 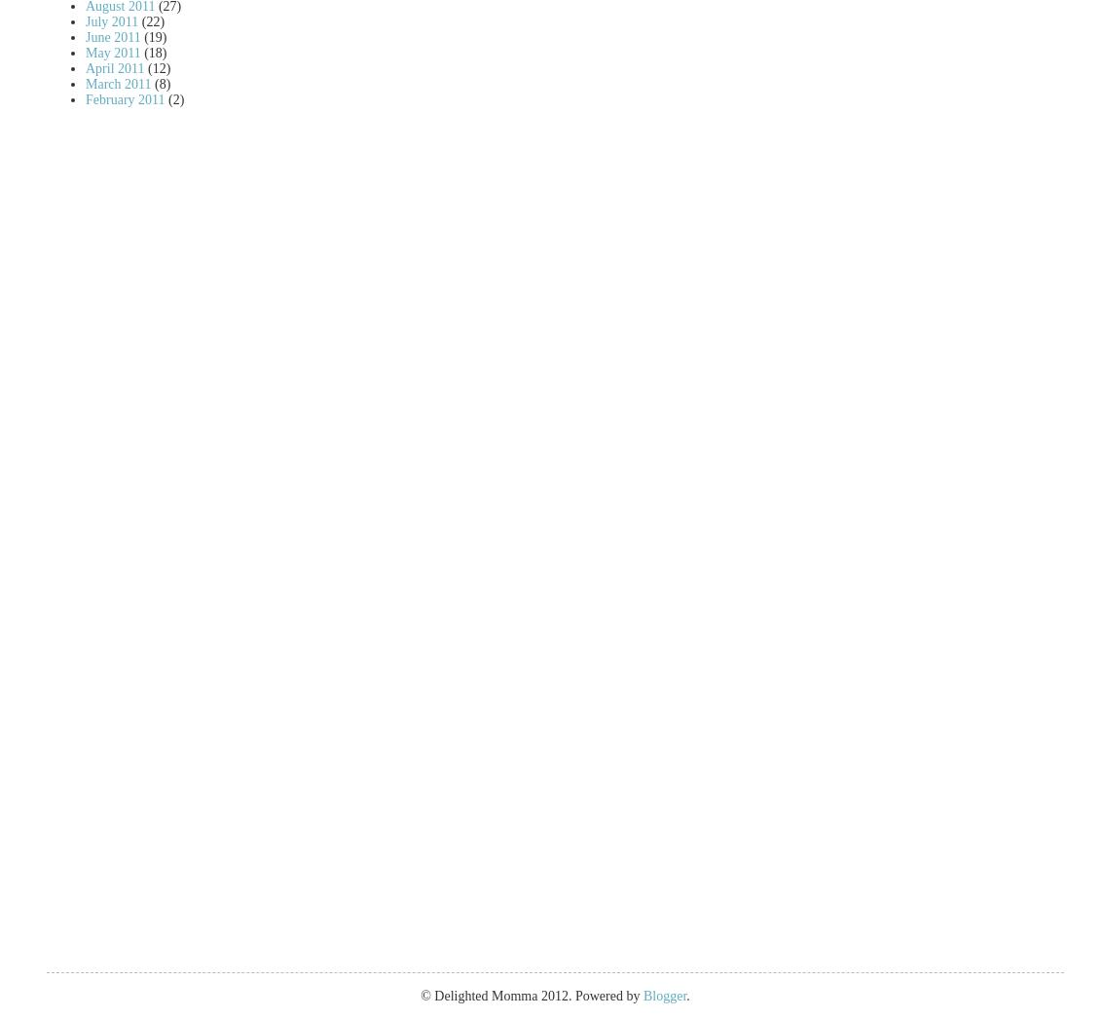 What do you see at coordinates (85, 83) in the screenshot?
I see `'March 2011'` at bounding box center [85, 83].